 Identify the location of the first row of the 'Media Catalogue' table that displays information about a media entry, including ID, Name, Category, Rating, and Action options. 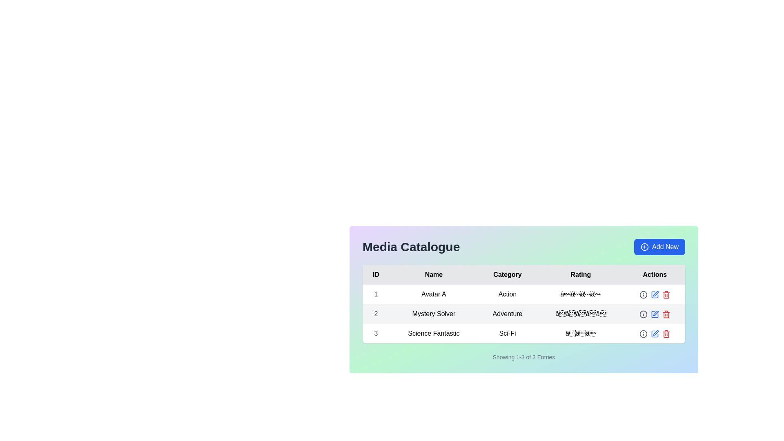
(523, 294).